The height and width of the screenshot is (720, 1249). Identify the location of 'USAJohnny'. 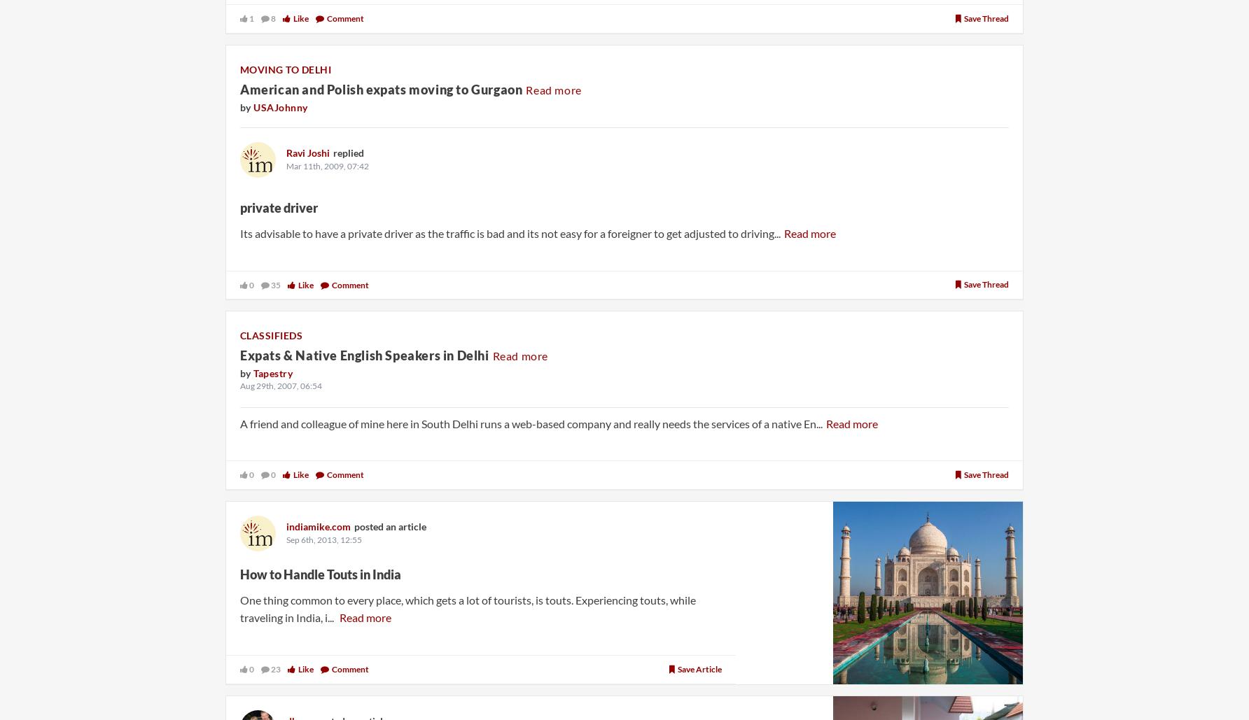
(279, 106).